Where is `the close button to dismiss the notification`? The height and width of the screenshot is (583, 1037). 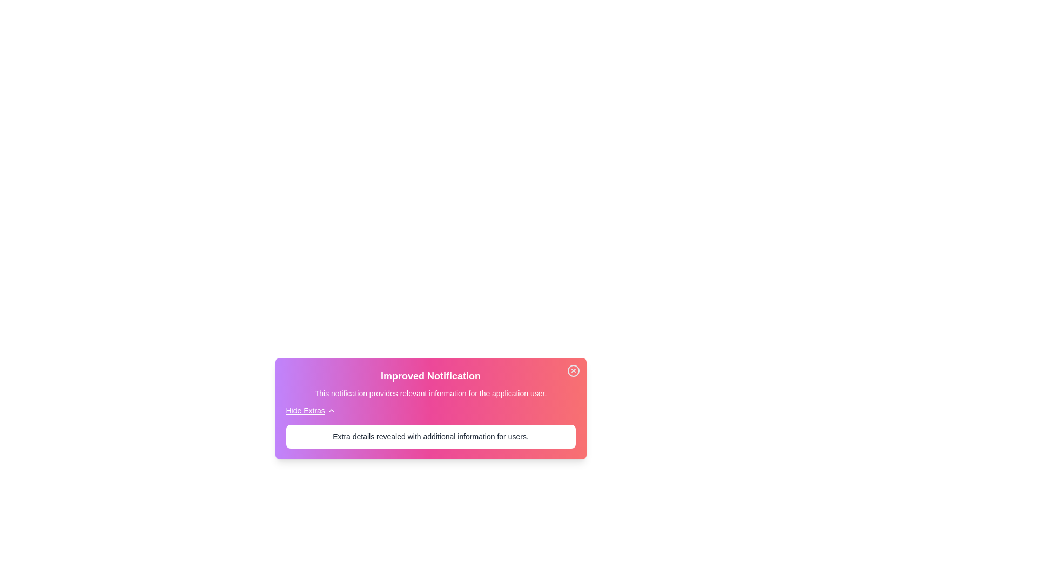 the close button to dismiss the notification is located at coordinates (573, 370).